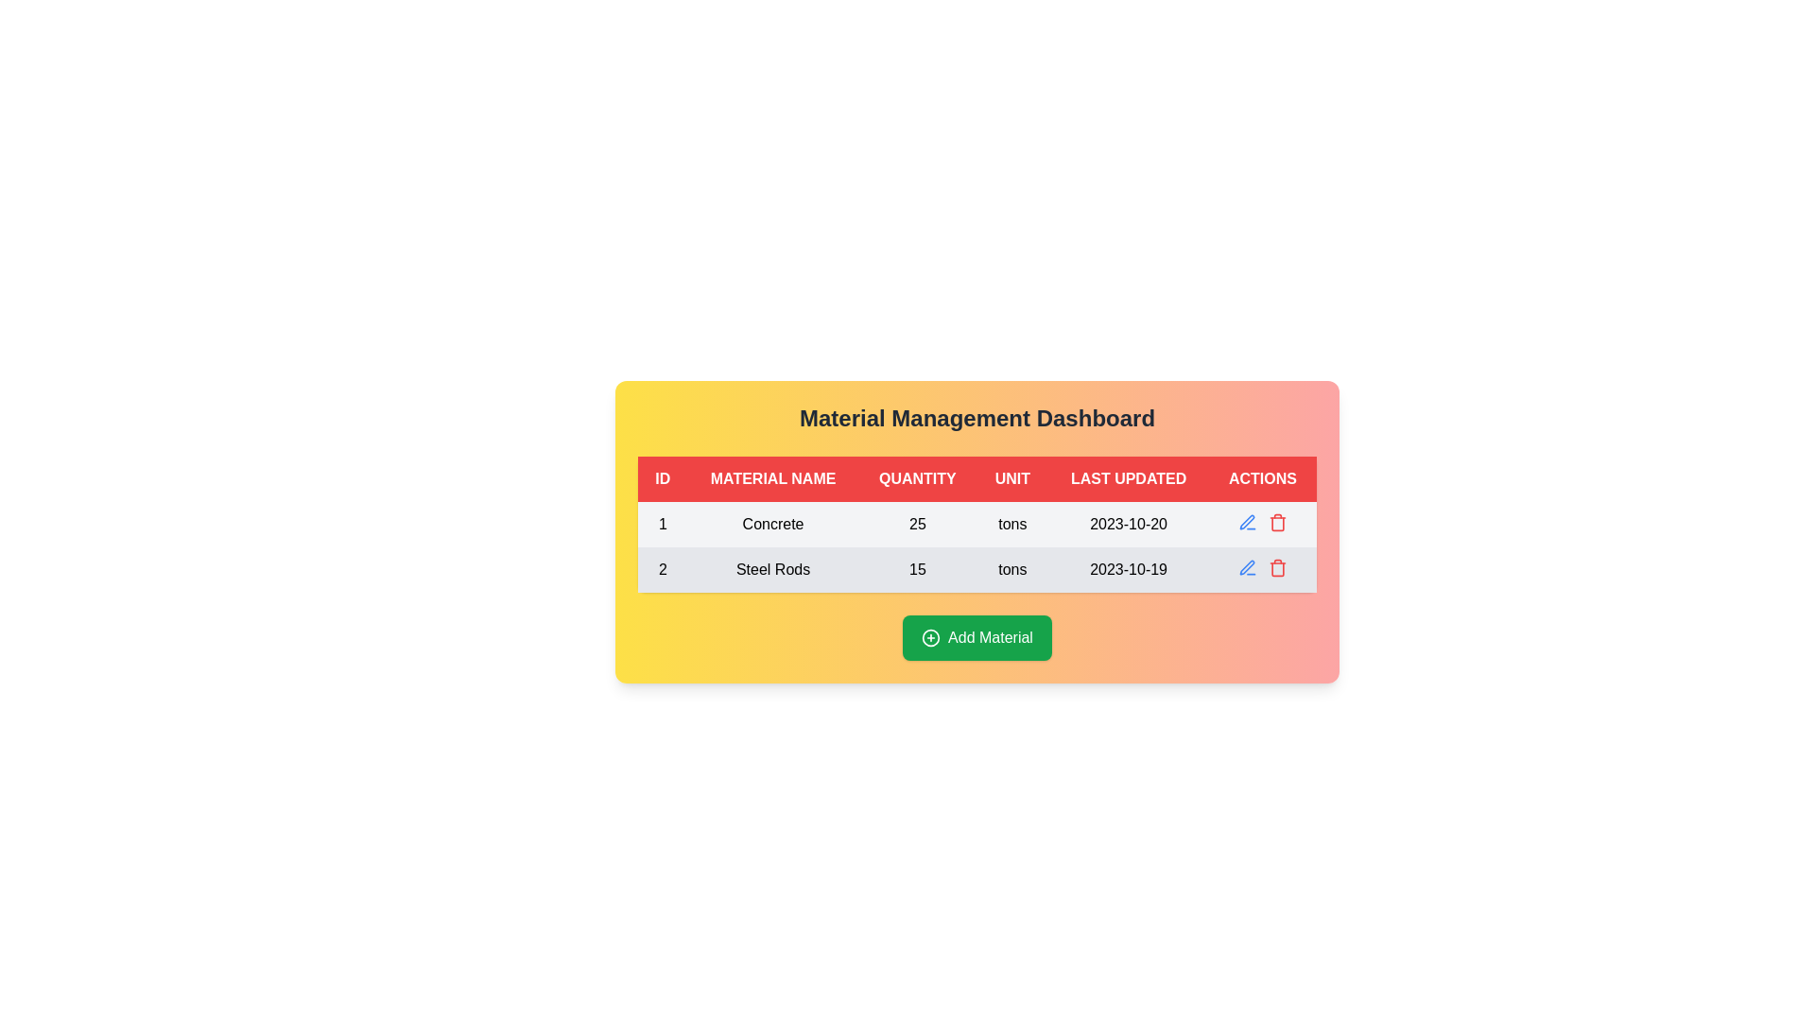 This screenshot has height=1021, width=1815. Describe the element at coordinates (1247, 522) in the screenshot. I see `the pen icon button` at that location.